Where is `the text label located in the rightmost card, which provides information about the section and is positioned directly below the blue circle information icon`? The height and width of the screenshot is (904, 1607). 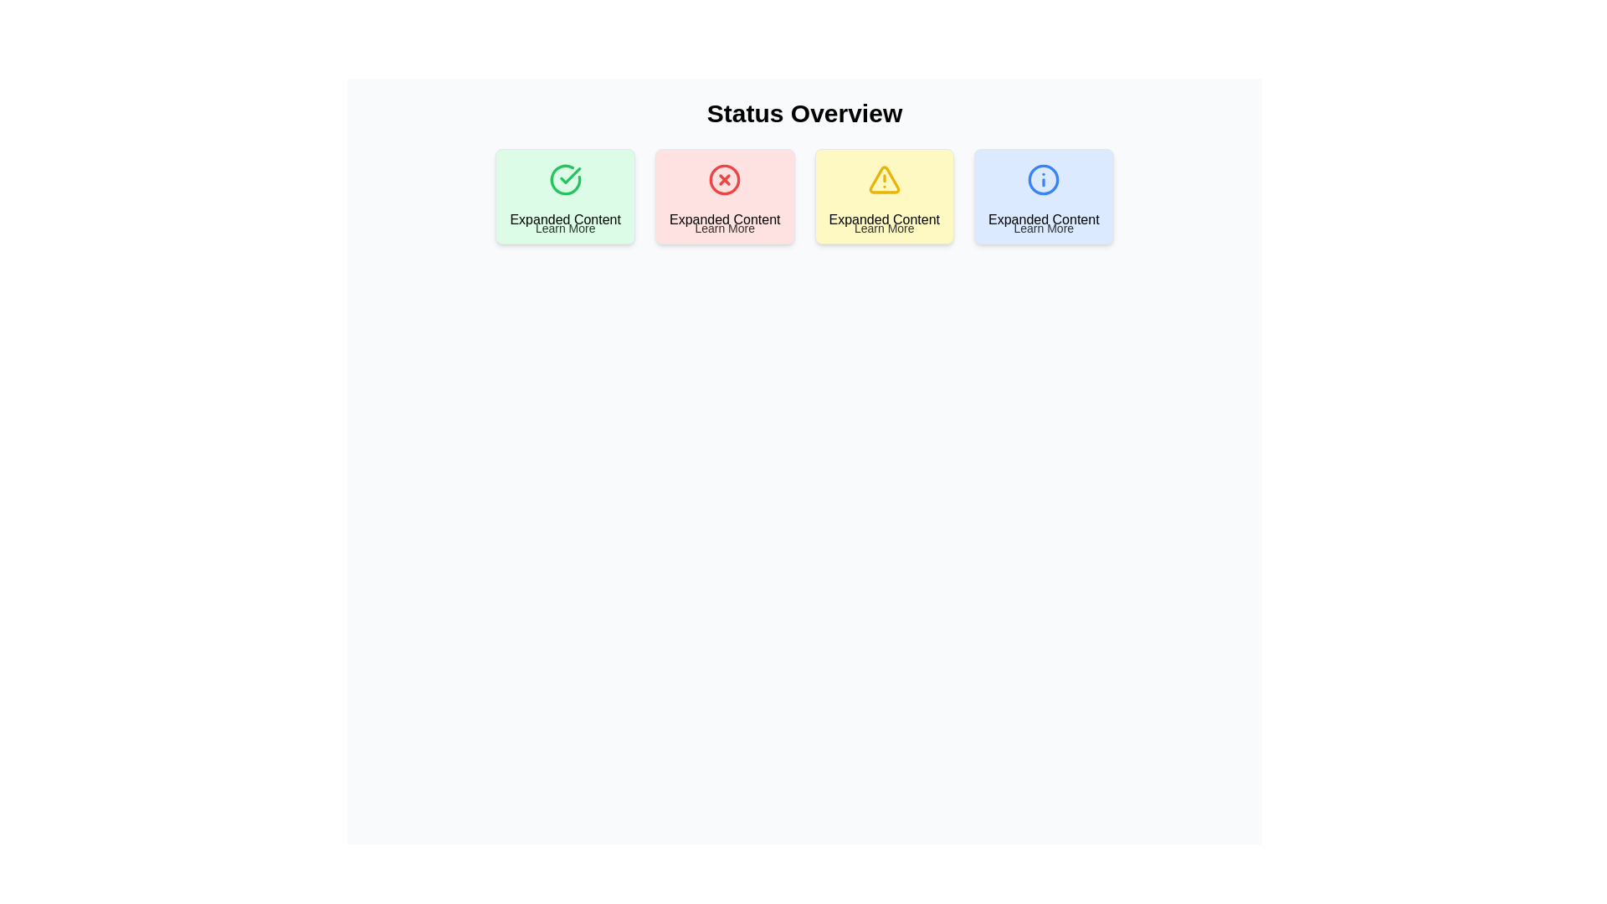
the text label located in the rightmost card, which provides information about the section and is positioned directly below the blue circle information icon is located at coordinates (1043, 218).